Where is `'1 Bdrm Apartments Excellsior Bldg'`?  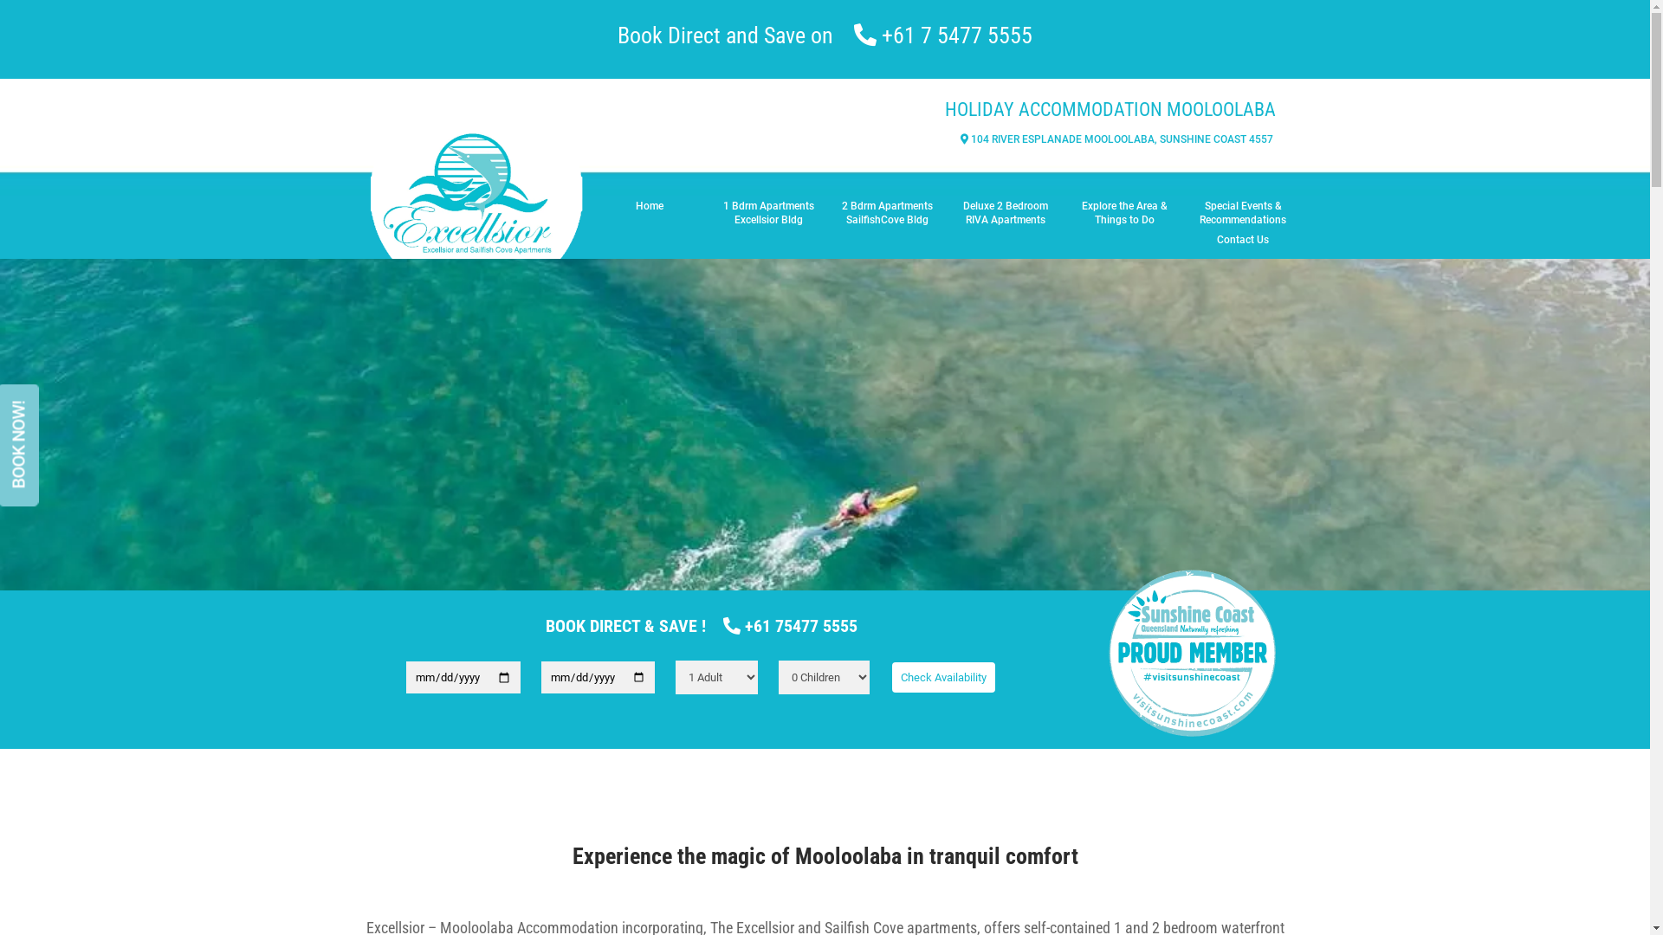
'1 Bdrm Apartments Excellsior Bldg' is located at coordinates (767, 212).